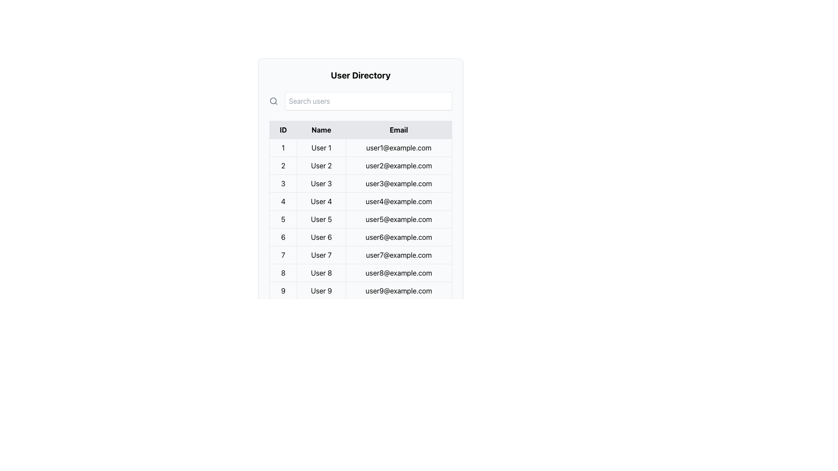 The image size is (838, 471). Describe the element at coordinates (361, 166) in the screenshot. I see `the second row of the 'User Directory' table displaying user ID '2', name 'User 2', and email 'user2@example.com'` at that location.